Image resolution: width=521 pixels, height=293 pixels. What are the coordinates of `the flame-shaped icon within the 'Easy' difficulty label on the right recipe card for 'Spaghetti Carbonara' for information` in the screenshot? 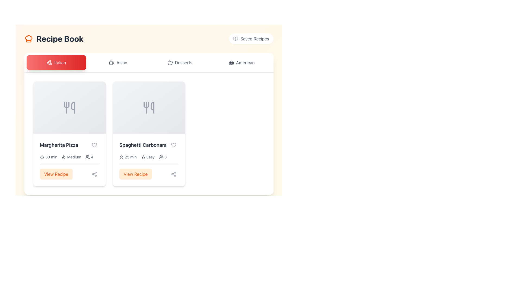 It's located at (143, 157).